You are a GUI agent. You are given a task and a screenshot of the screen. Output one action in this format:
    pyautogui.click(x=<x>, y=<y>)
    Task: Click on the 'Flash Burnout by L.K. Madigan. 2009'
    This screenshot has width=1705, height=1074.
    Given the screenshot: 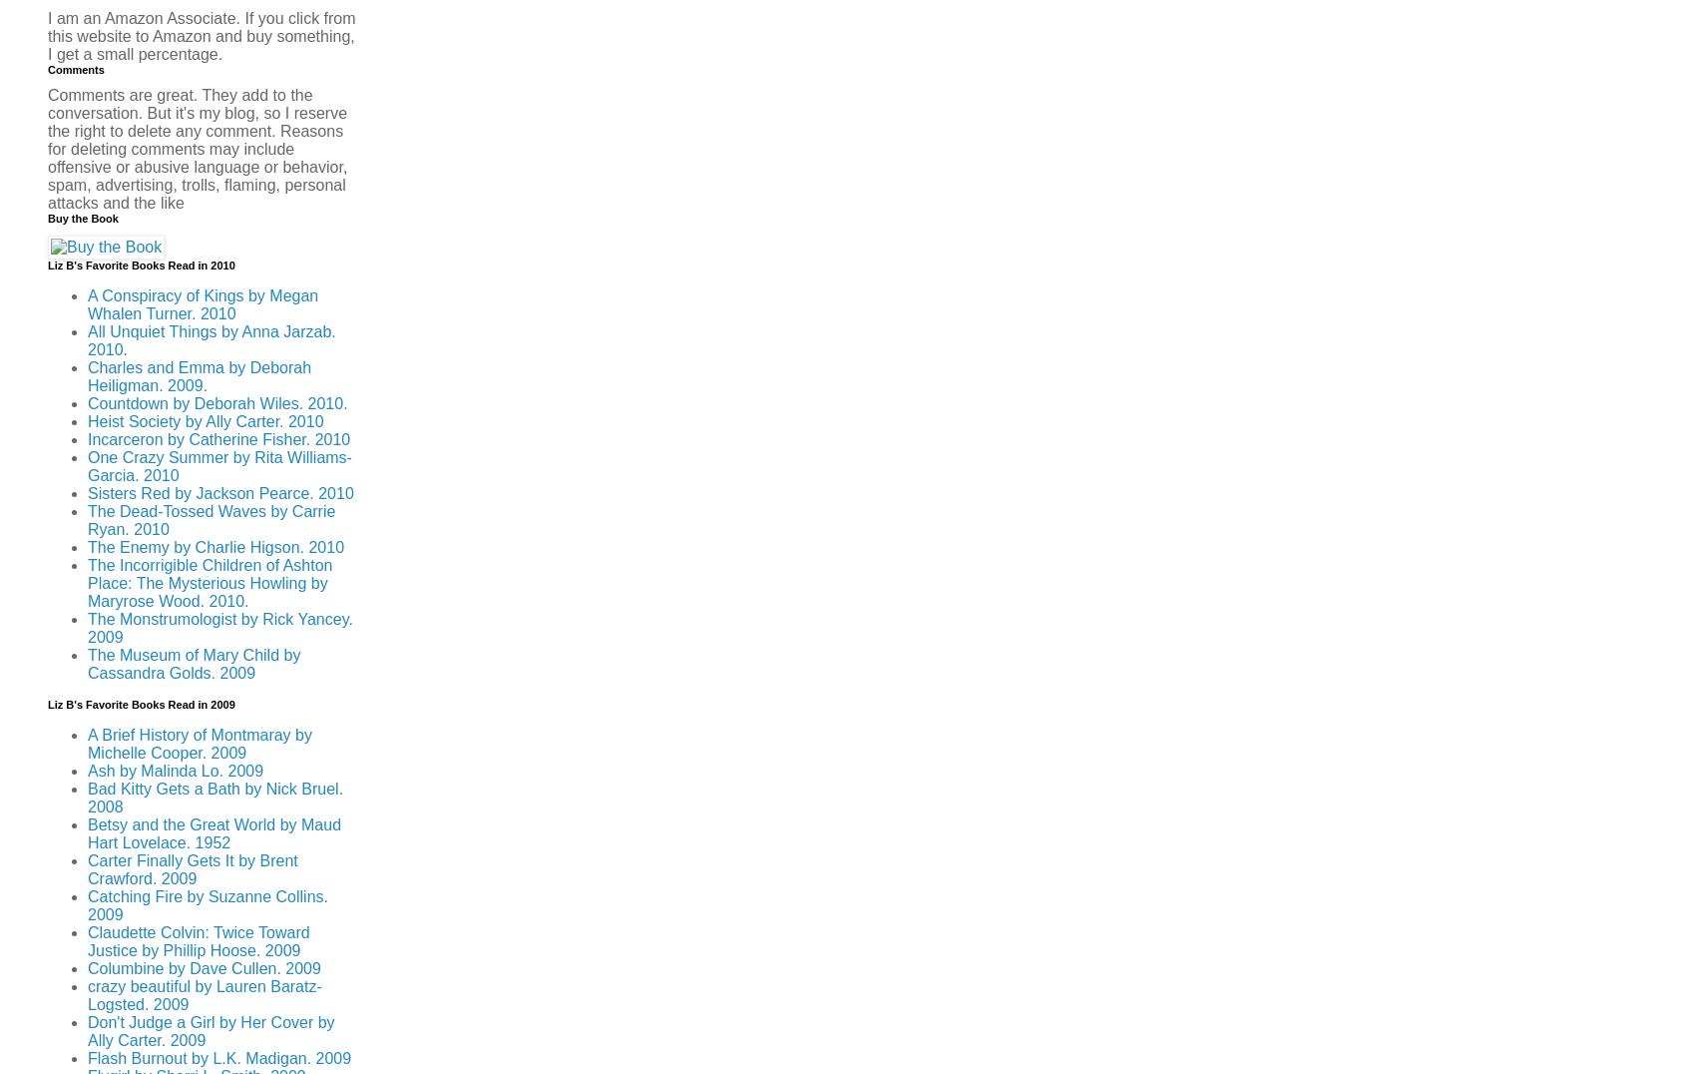 What is the action you would take?
    pyautogui.click(x=87, y=1058)
    